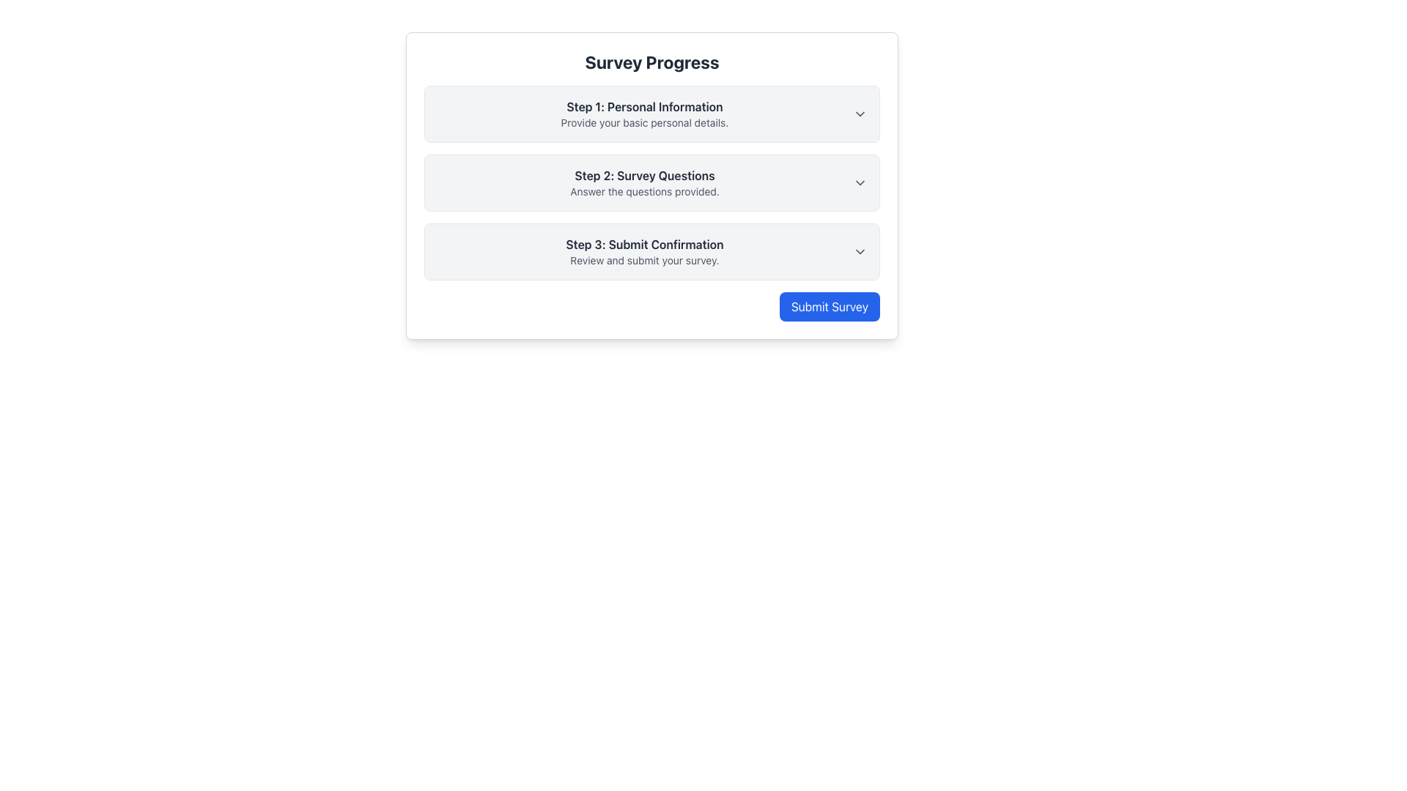  What do you see at coordinates (644, 122) in the screenshot?
I see `the Text Label that reads 'Provide your basic personal details.' located directly below the header 'Step 1: Personal Information'` at bounding box center [644, 122].